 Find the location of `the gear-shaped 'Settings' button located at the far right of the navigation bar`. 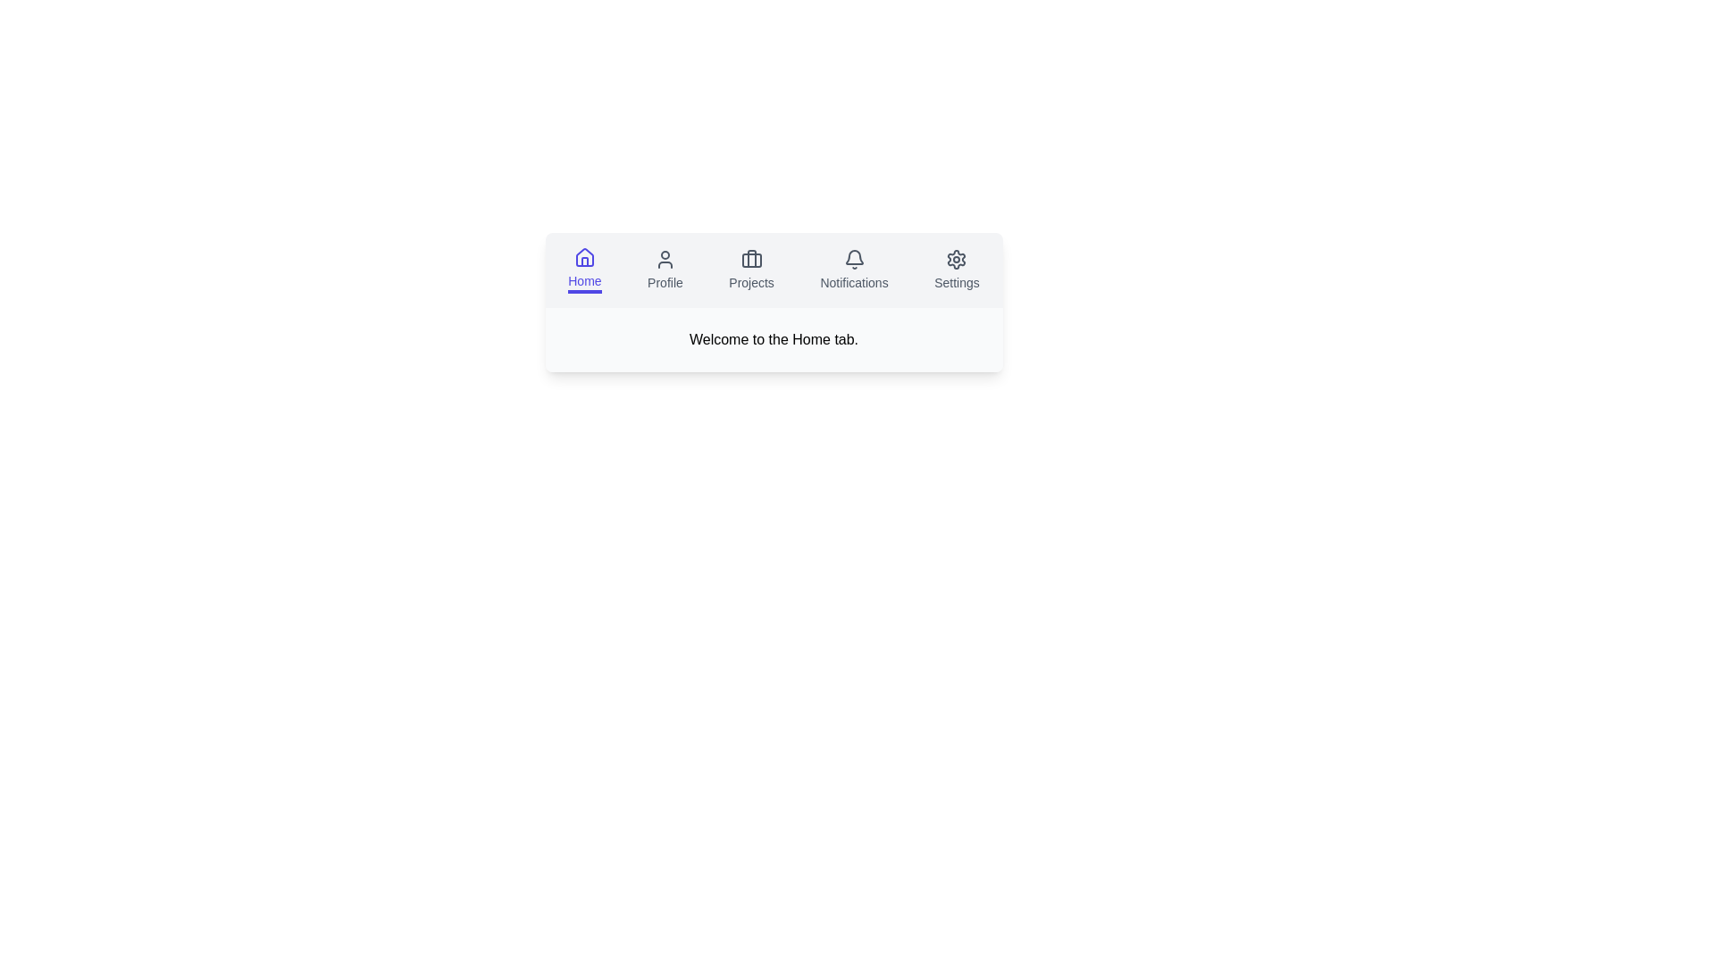

the gear-shaped 'Settings' button located at the far right of the navigation bar is located at coordinates (956, 270).